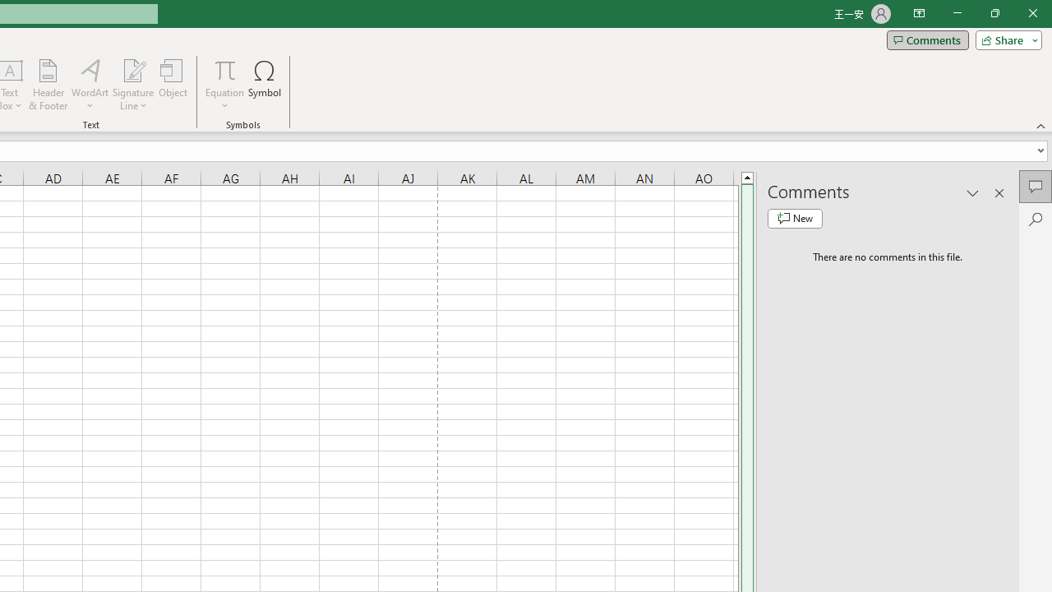 The height and width of the screenshot is (592, 1052). What do you see at coordinates (265, 85) in the screenshot?
I see `'Symbol...'` at bounding box center [265, 85].